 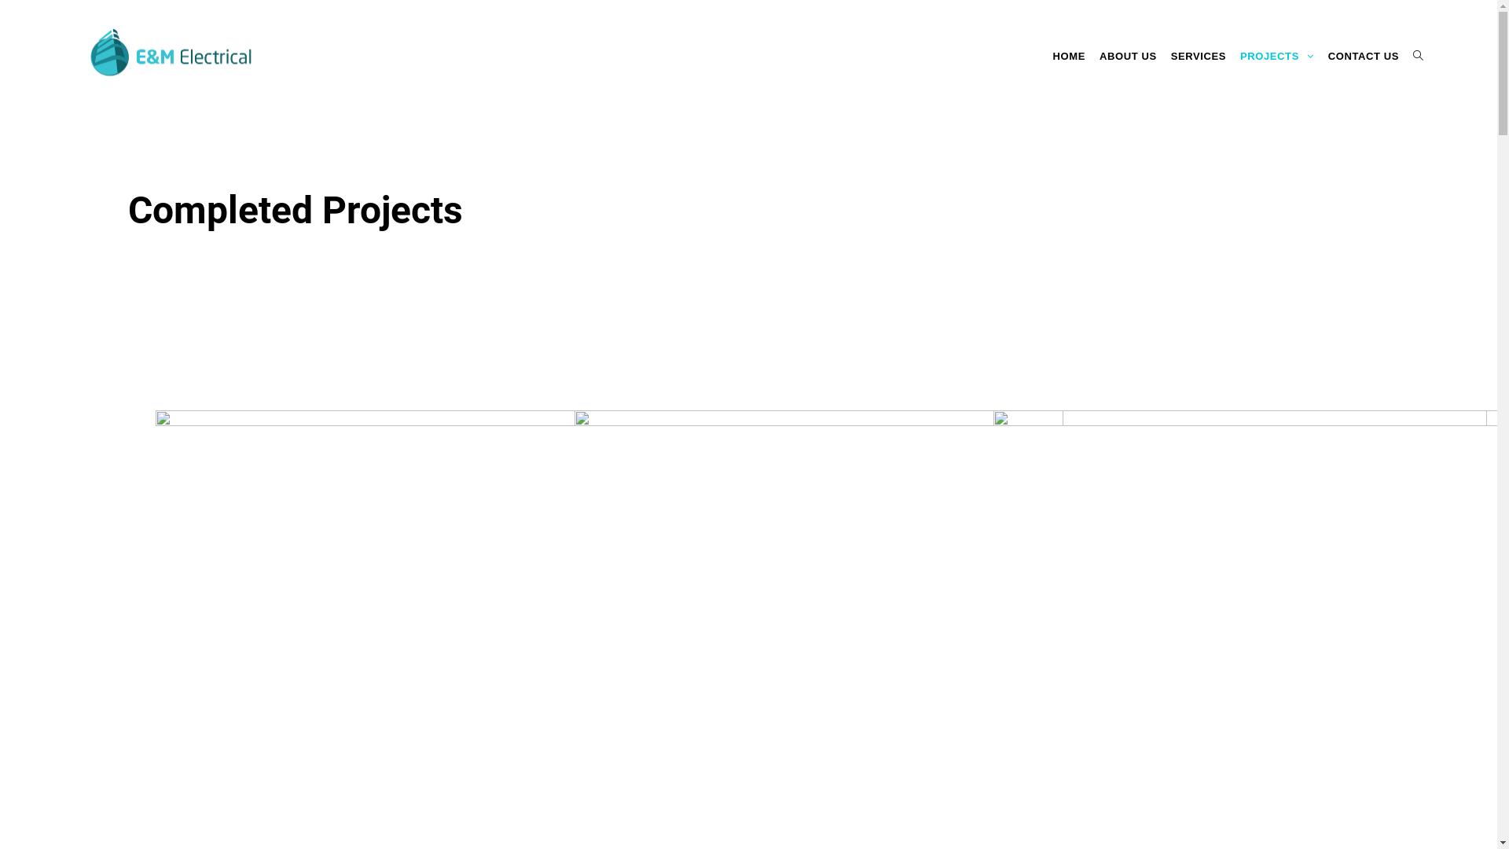 What do you see at coordinates (1069, 56) in the screenshot?
I see `'HOME'` at bounding box center [1069, 56].